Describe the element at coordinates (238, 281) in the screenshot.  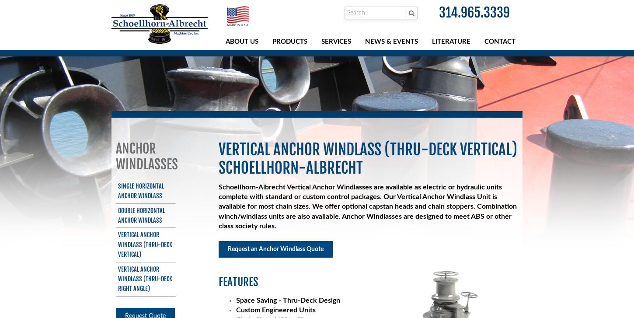
I see `'Features'` at that location.